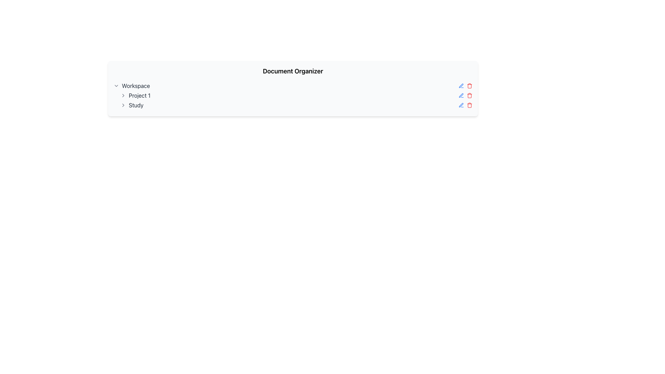  What do you see at coordinates (465, 96) in the screenshot?
I see `the red trash icon located to the right of the blue pen icon in the control group for 'Project 1'` at bounding box center [465, 96].